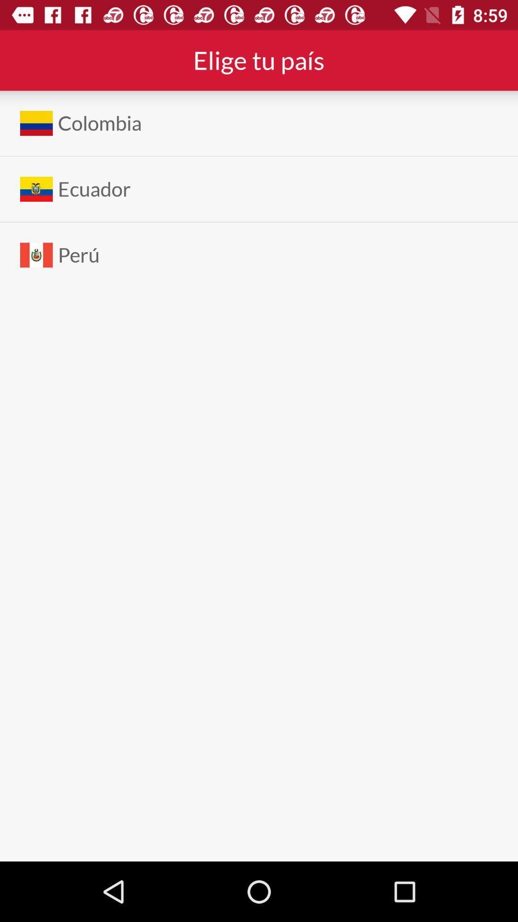 The width and height of the screenshot is (518, 922). I want to click on colombia item, so click(100, 122).